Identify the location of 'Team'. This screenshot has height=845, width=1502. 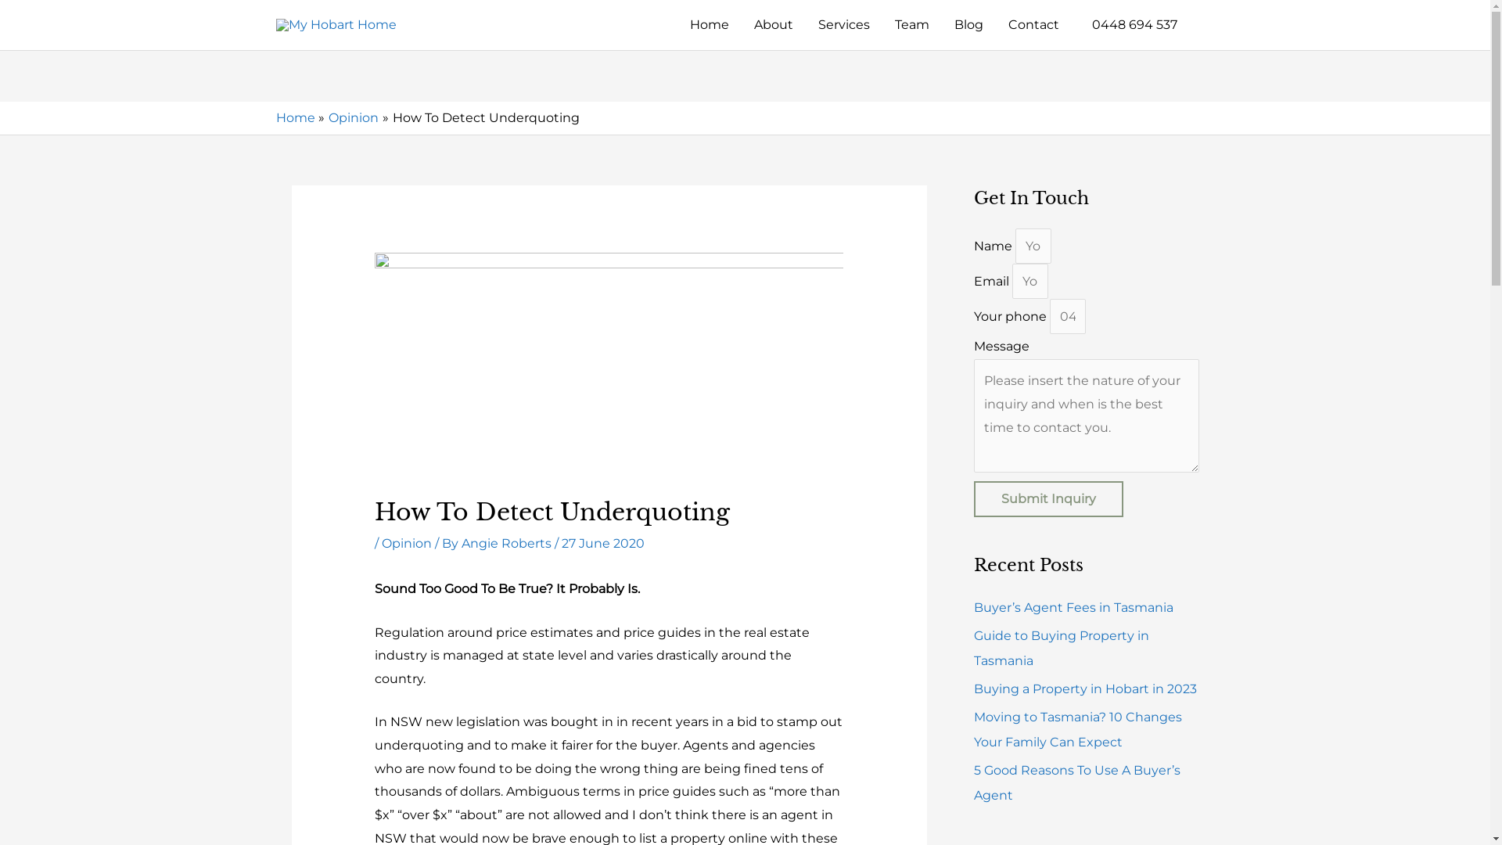
(912, 24).